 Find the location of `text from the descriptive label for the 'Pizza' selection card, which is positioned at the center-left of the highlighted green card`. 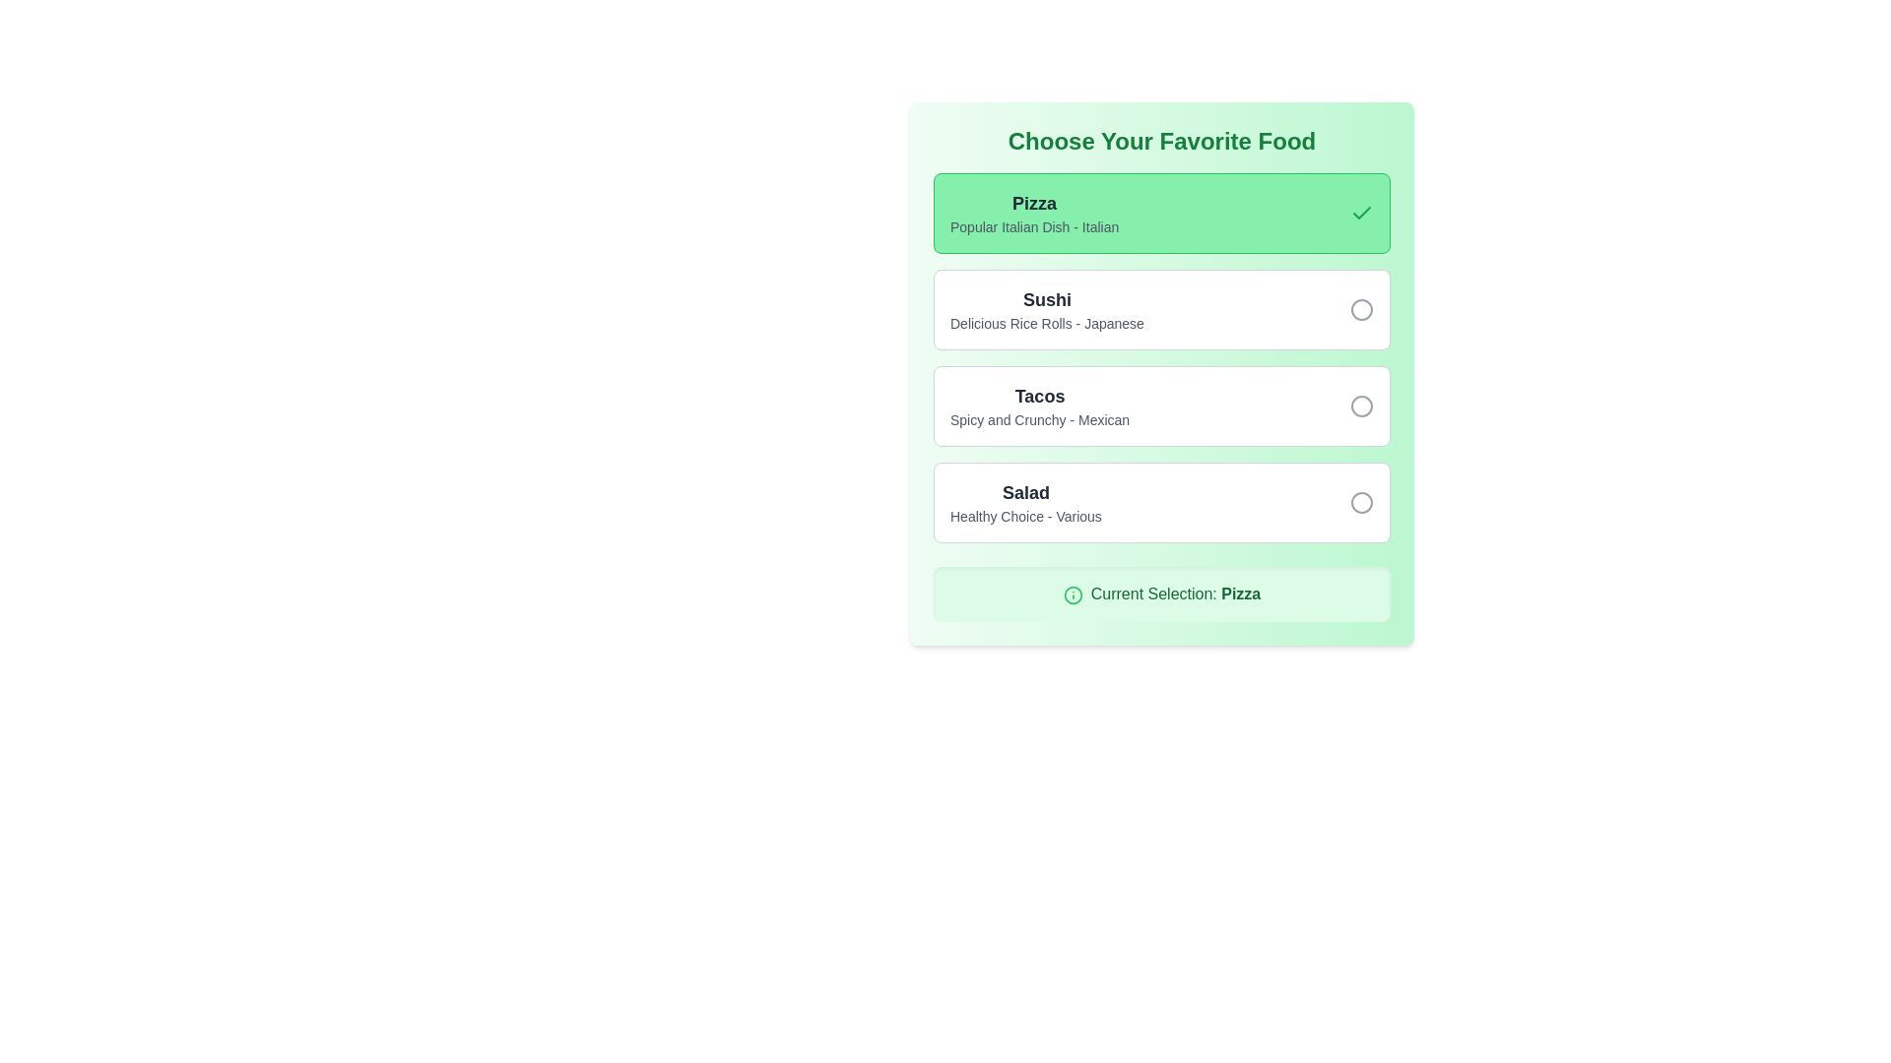

text from the descriptive label for the 'Pizza' selection card, which is positioned at the center-left of the highlighted green card is located at coordinates (1033, 213).